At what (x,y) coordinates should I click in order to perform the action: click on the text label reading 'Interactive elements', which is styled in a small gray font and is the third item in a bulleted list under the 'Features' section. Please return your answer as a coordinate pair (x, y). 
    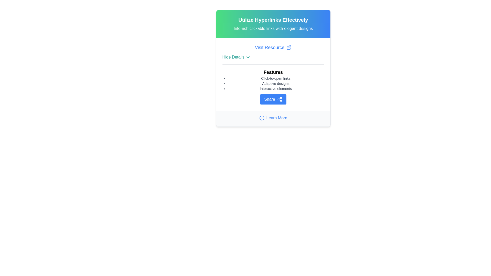
    Looking at the image, I should click on (275, 88).